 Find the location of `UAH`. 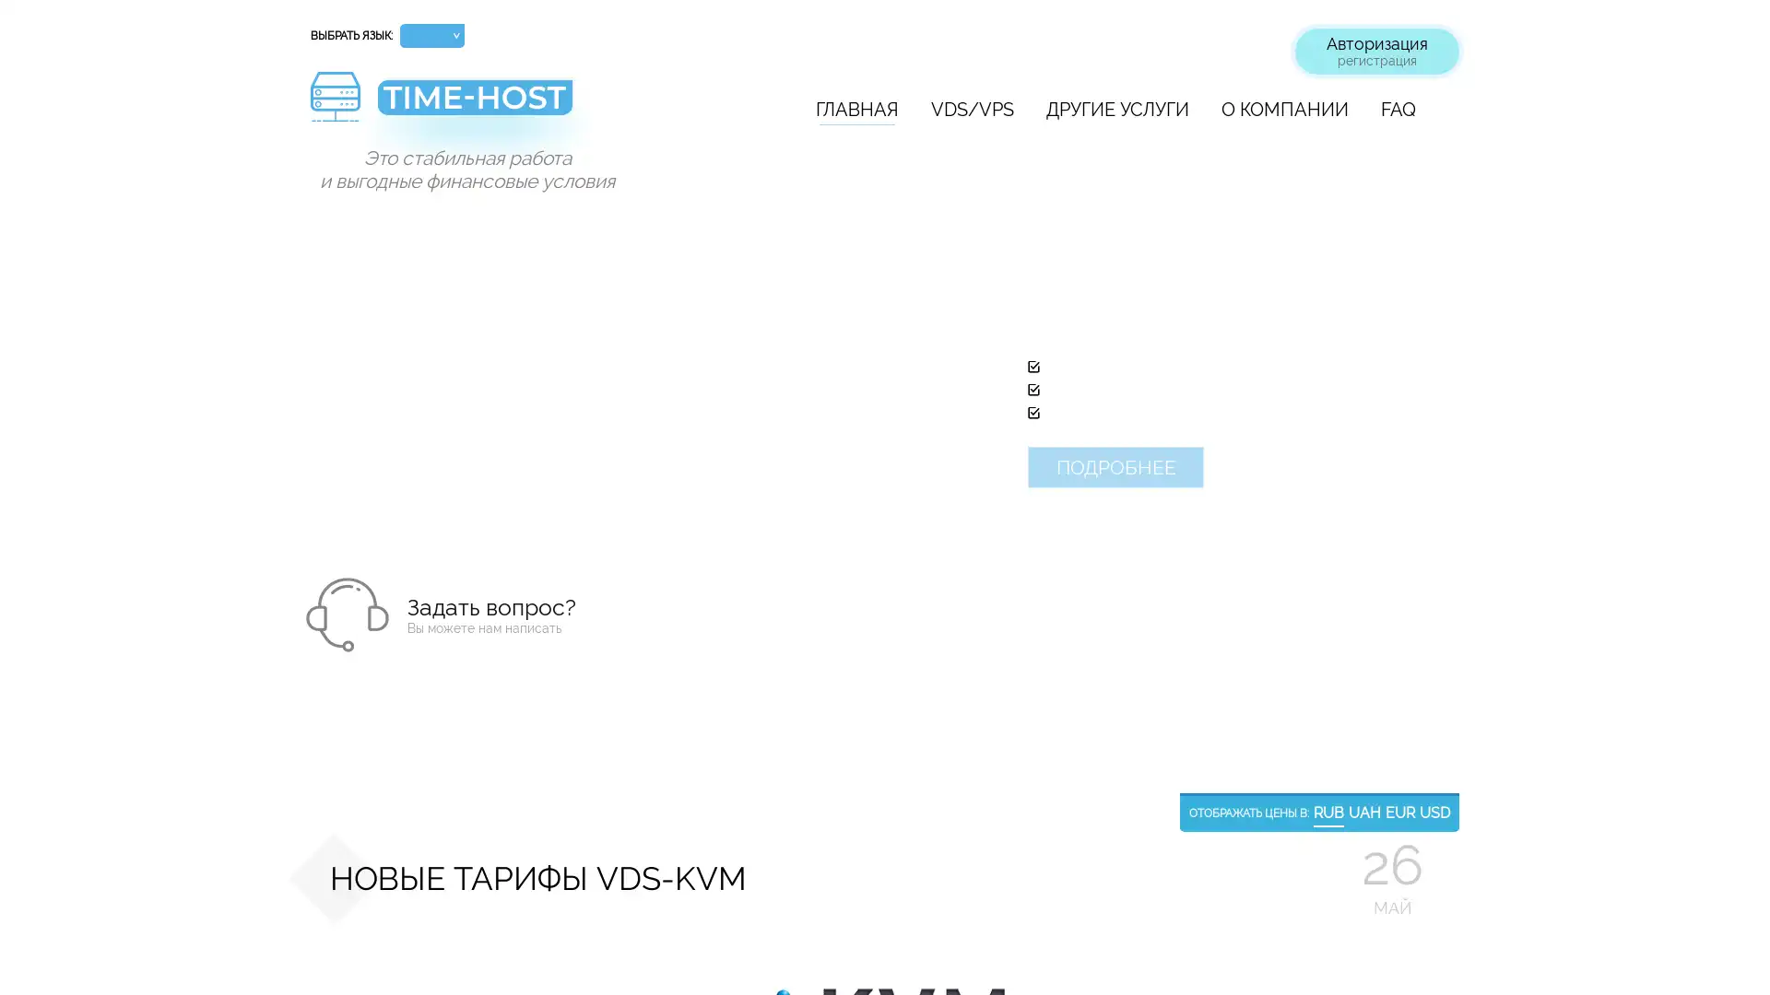

UAH is located at coordinates (1364, 813).